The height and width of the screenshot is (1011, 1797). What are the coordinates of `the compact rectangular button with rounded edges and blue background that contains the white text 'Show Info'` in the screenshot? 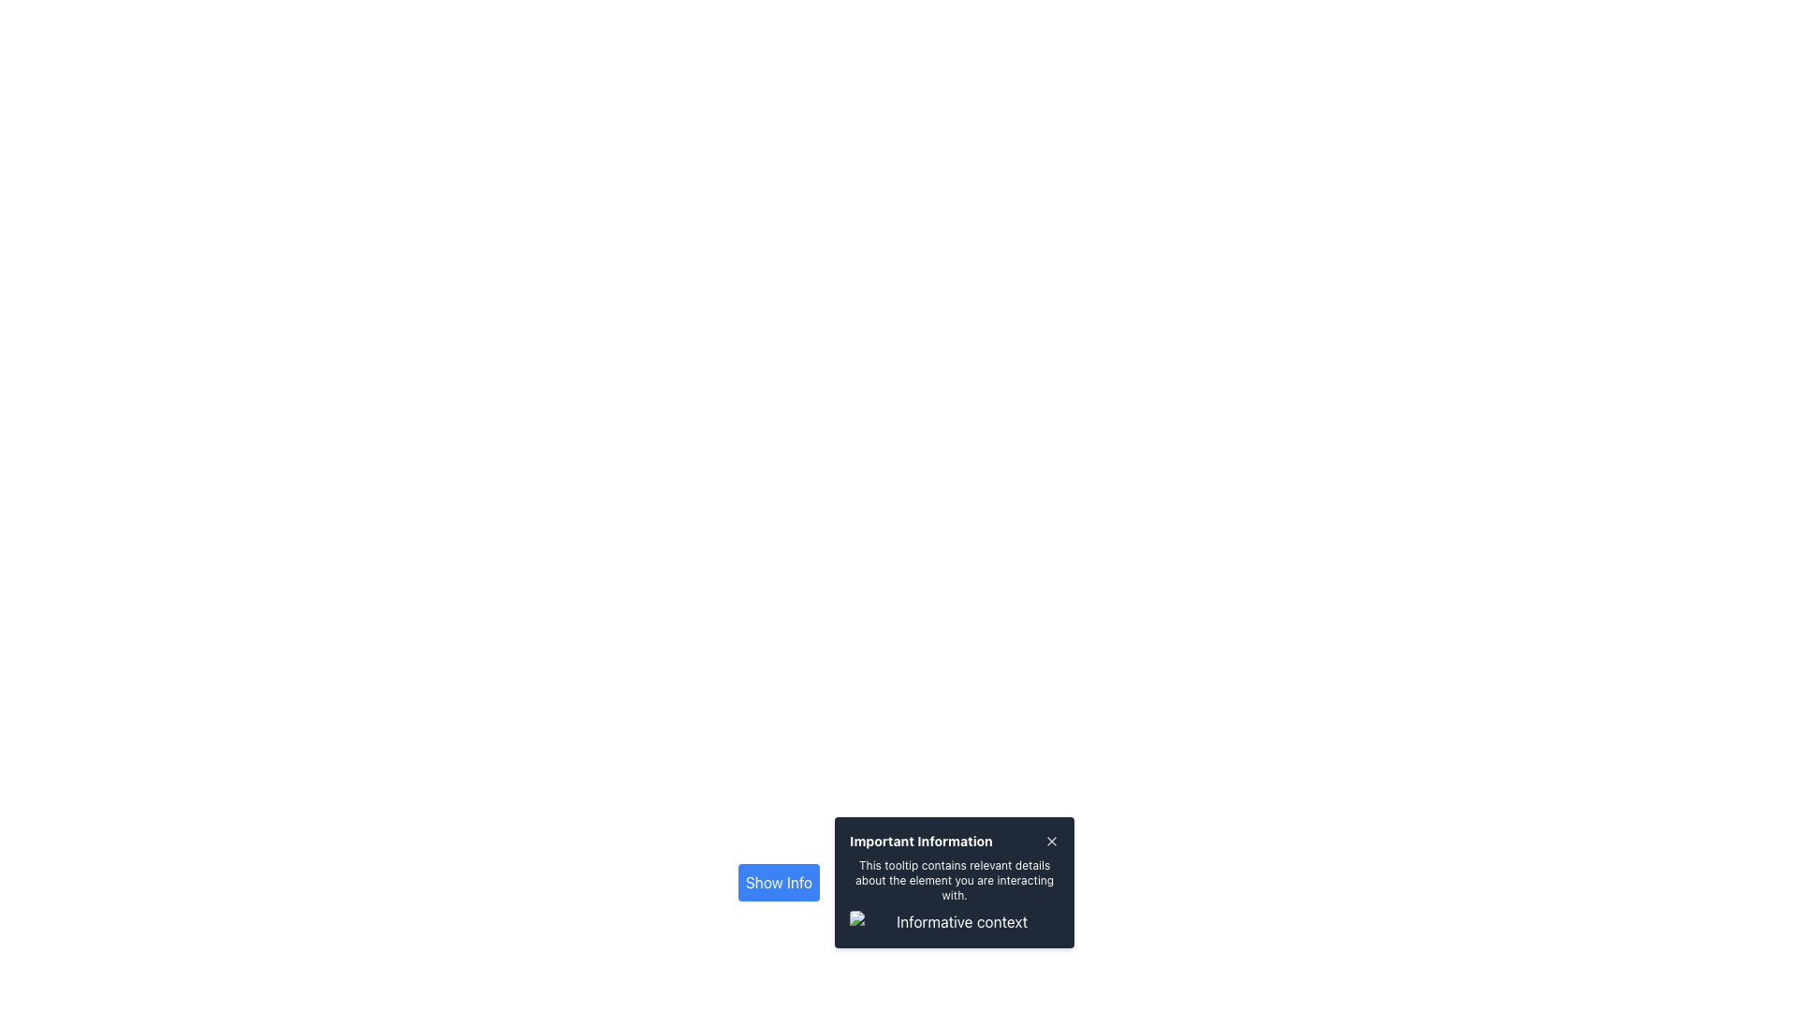 It's located at (779, 882).